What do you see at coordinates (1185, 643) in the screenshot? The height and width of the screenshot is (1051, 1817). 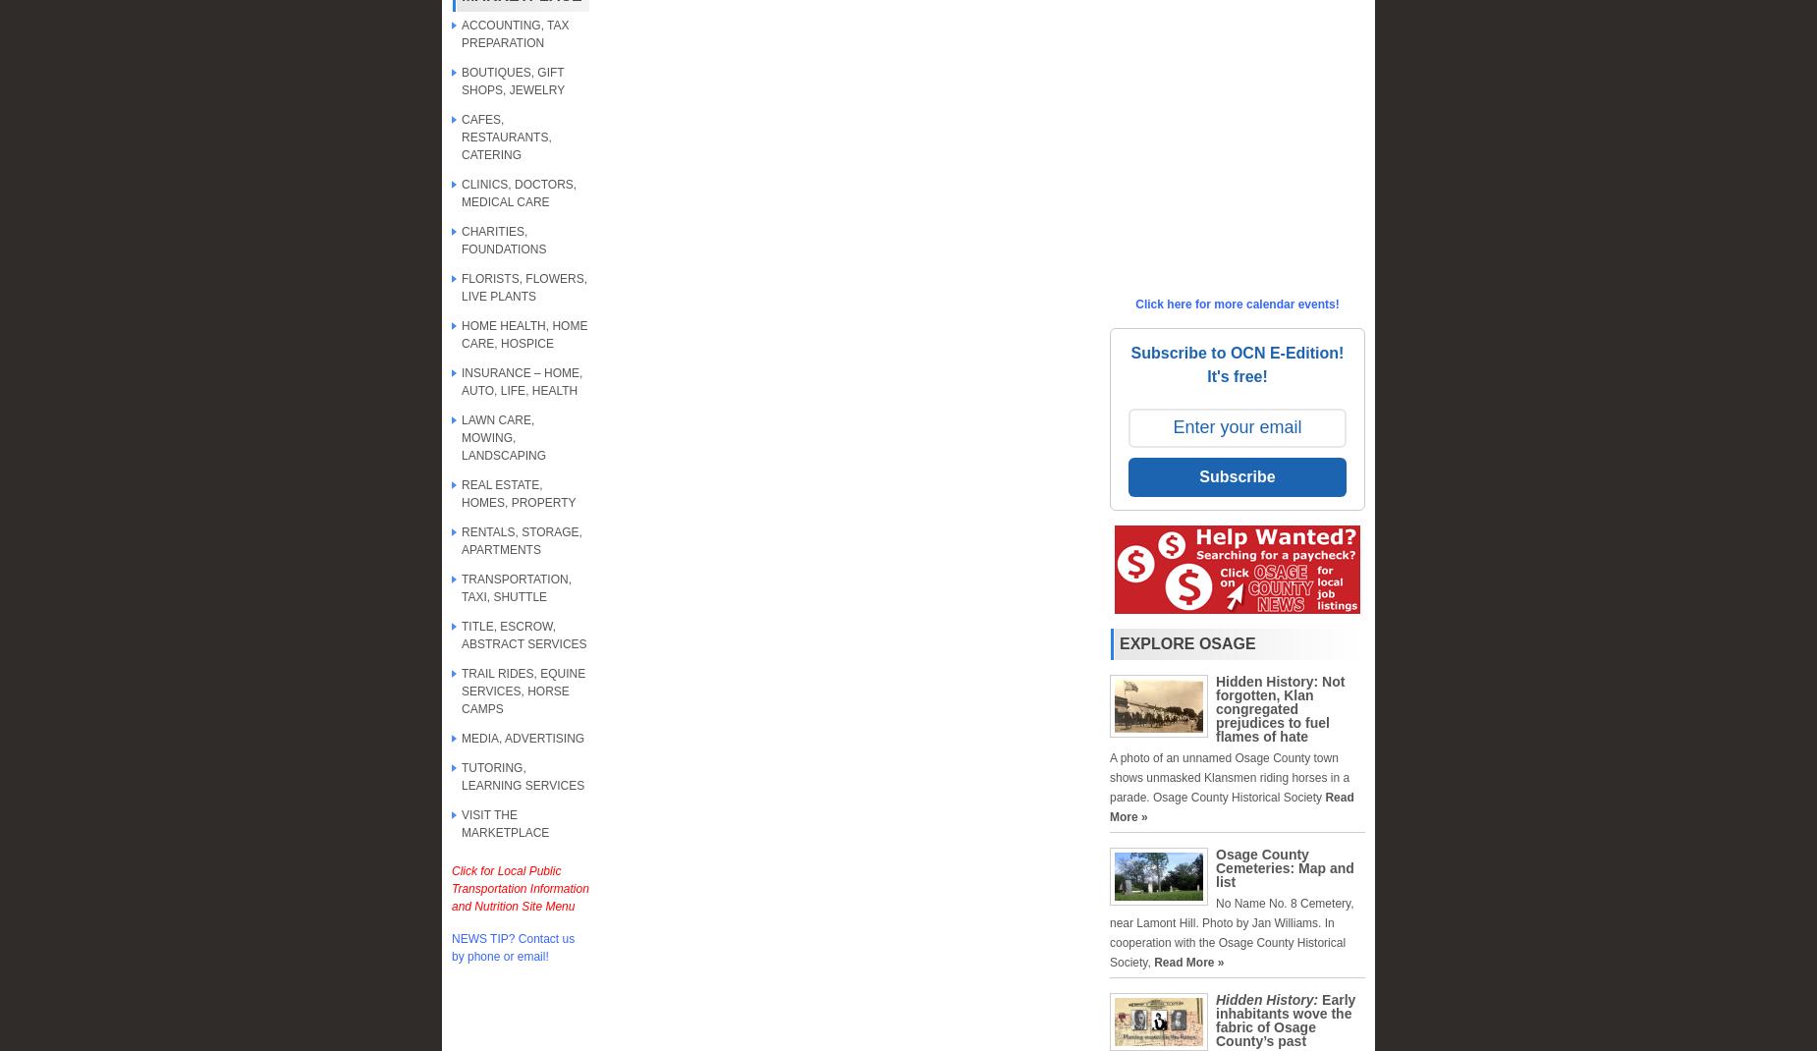 I see `'Explore Osage'` at bounding box center [1185, 643].